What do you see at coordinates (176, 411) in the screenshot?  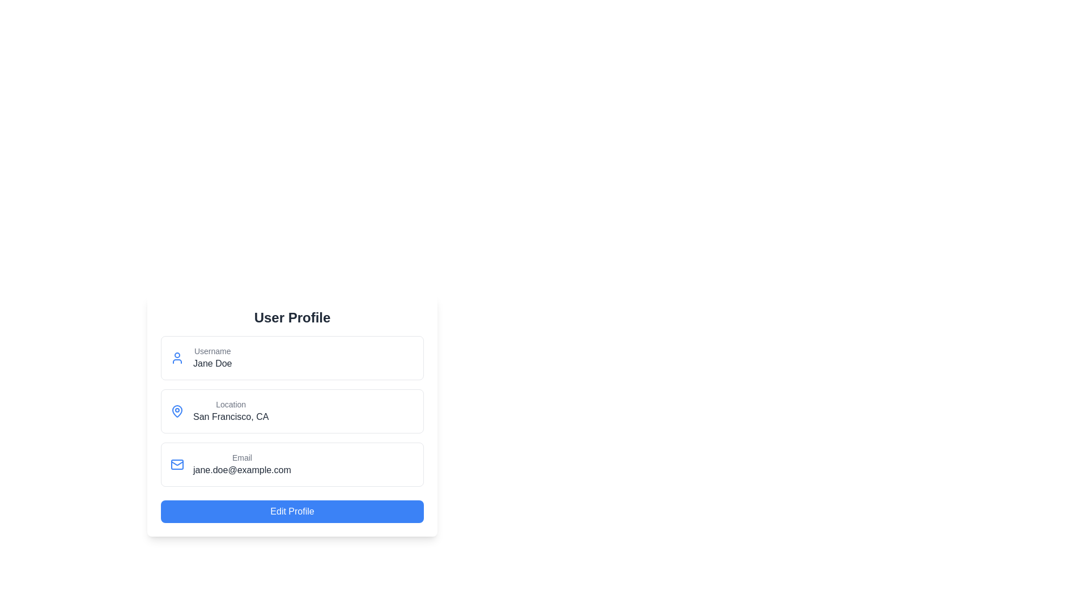 I see `the pin icon representing the location, which is the leftmost item in the second row of the user profile form, adjacent to the text 'Location: San Francisco, CA'` at bounding box center [176, 411].